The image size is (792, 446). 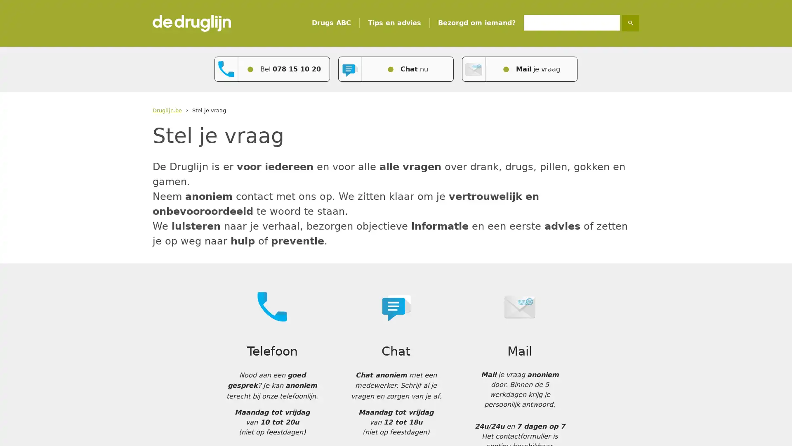 What do you see at coordinates (272, 69) in the screenshot?
I see `Bel 078 15 10 20` at bounding box center [272, 69].